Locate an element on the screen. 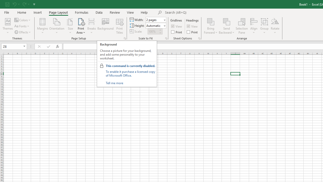 Image resolution: width=323 pixels, height=182 pixels. 'Rotate' is located at coordinates (275, 26).